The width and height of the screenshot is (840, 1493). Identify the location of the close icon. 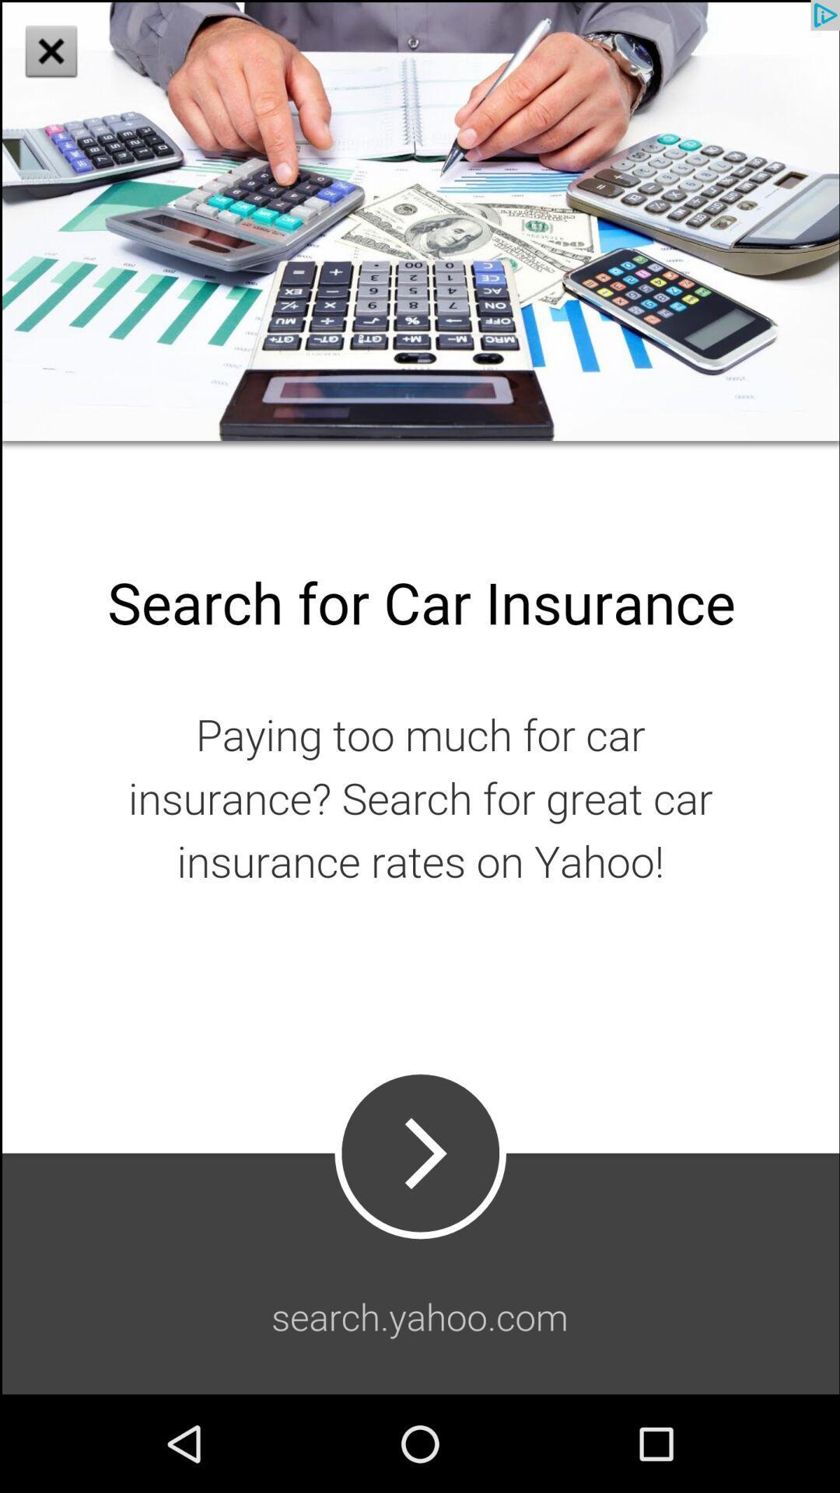
(50, 54).